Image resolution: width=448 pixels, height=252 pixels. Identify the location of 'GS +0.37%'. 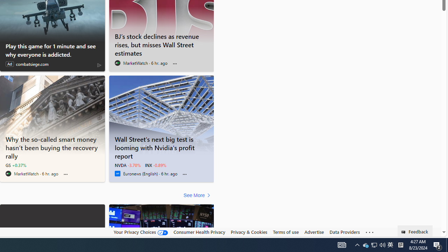
(16, 165).